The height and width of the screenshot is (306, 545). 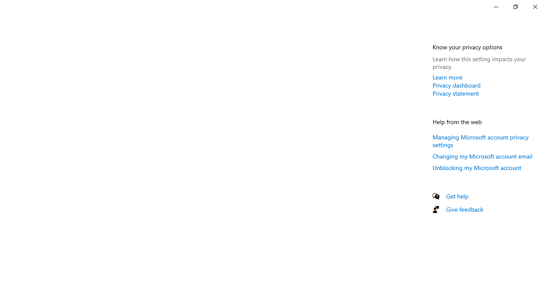 I want to click on 'Unblocking my Microsoft account', so click(x=477, y=167).